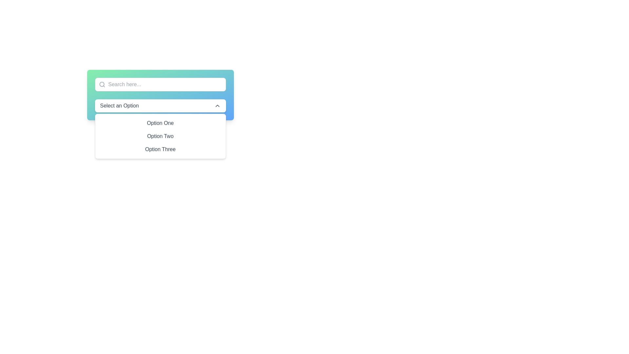 The height and width of the screenshot is (354, 629). Describe the element at coordinates (160, 136) in the screenshot. I see `the dropdown menu located directly below the 'Select an Option' button` at that location.